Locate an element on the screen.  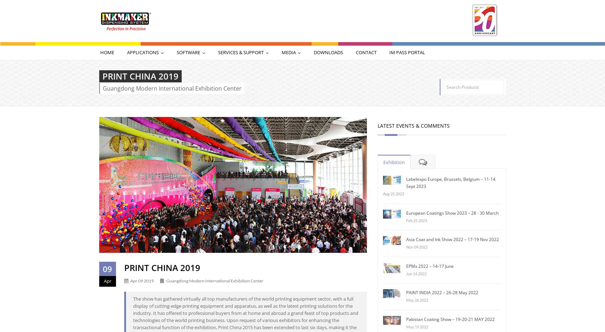
'Latest Events & Comments' is located at coordinates (377, 126).